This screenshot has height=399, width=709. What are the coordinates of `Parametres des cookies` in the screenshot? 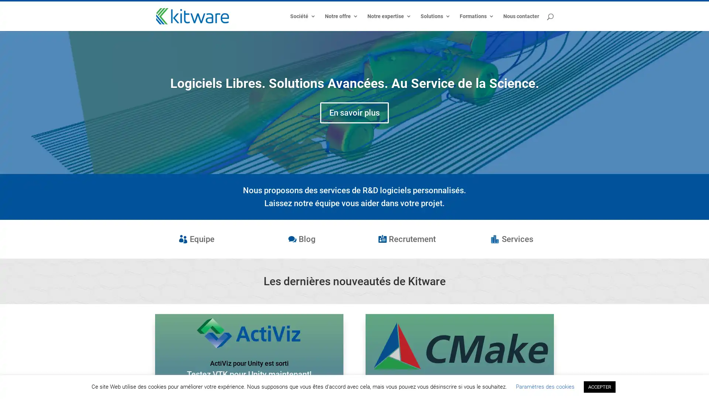 It's located at (545, 386).